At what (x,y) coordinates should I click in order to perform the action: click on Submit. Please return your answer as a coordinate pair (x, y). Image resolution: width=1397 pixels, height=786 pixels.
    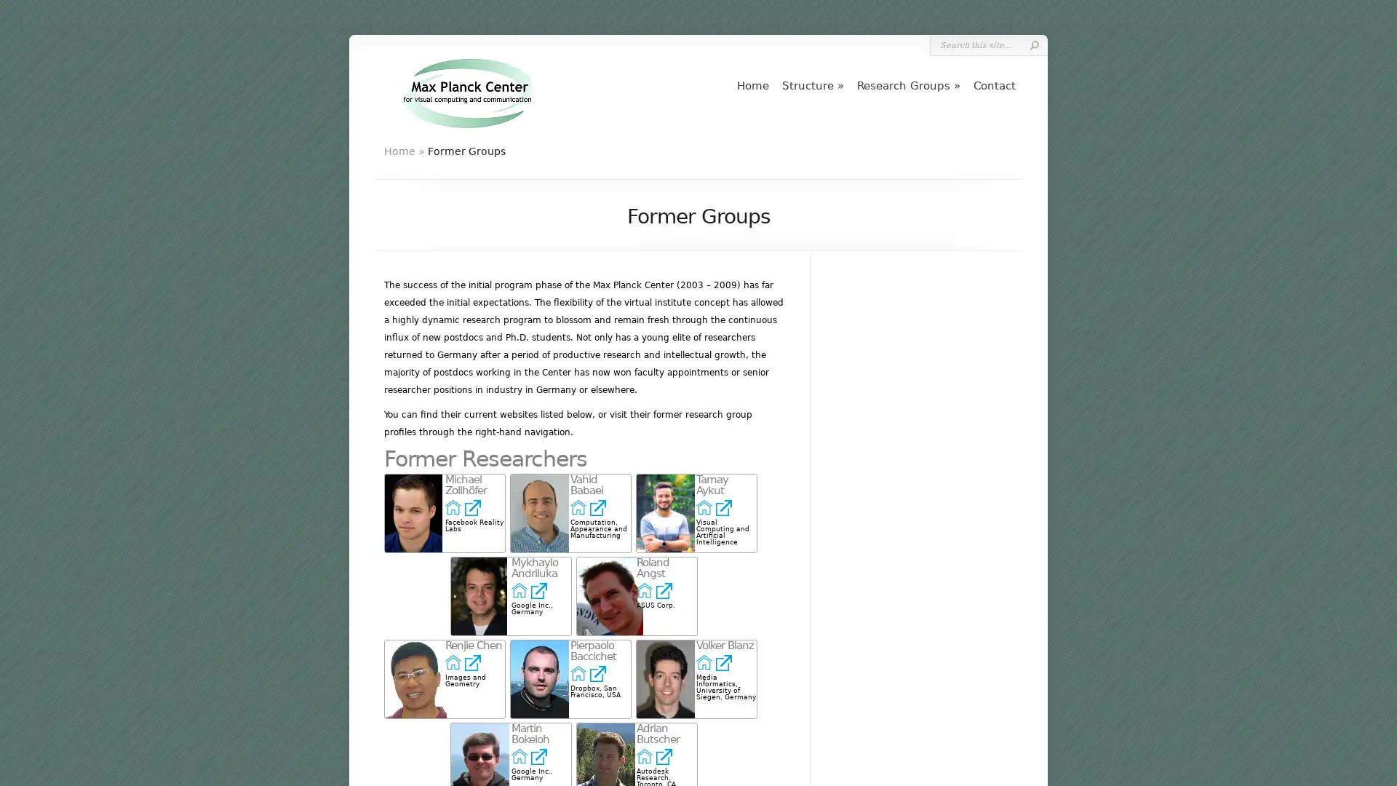
    Looking at the image, I should click on (1033, 44).